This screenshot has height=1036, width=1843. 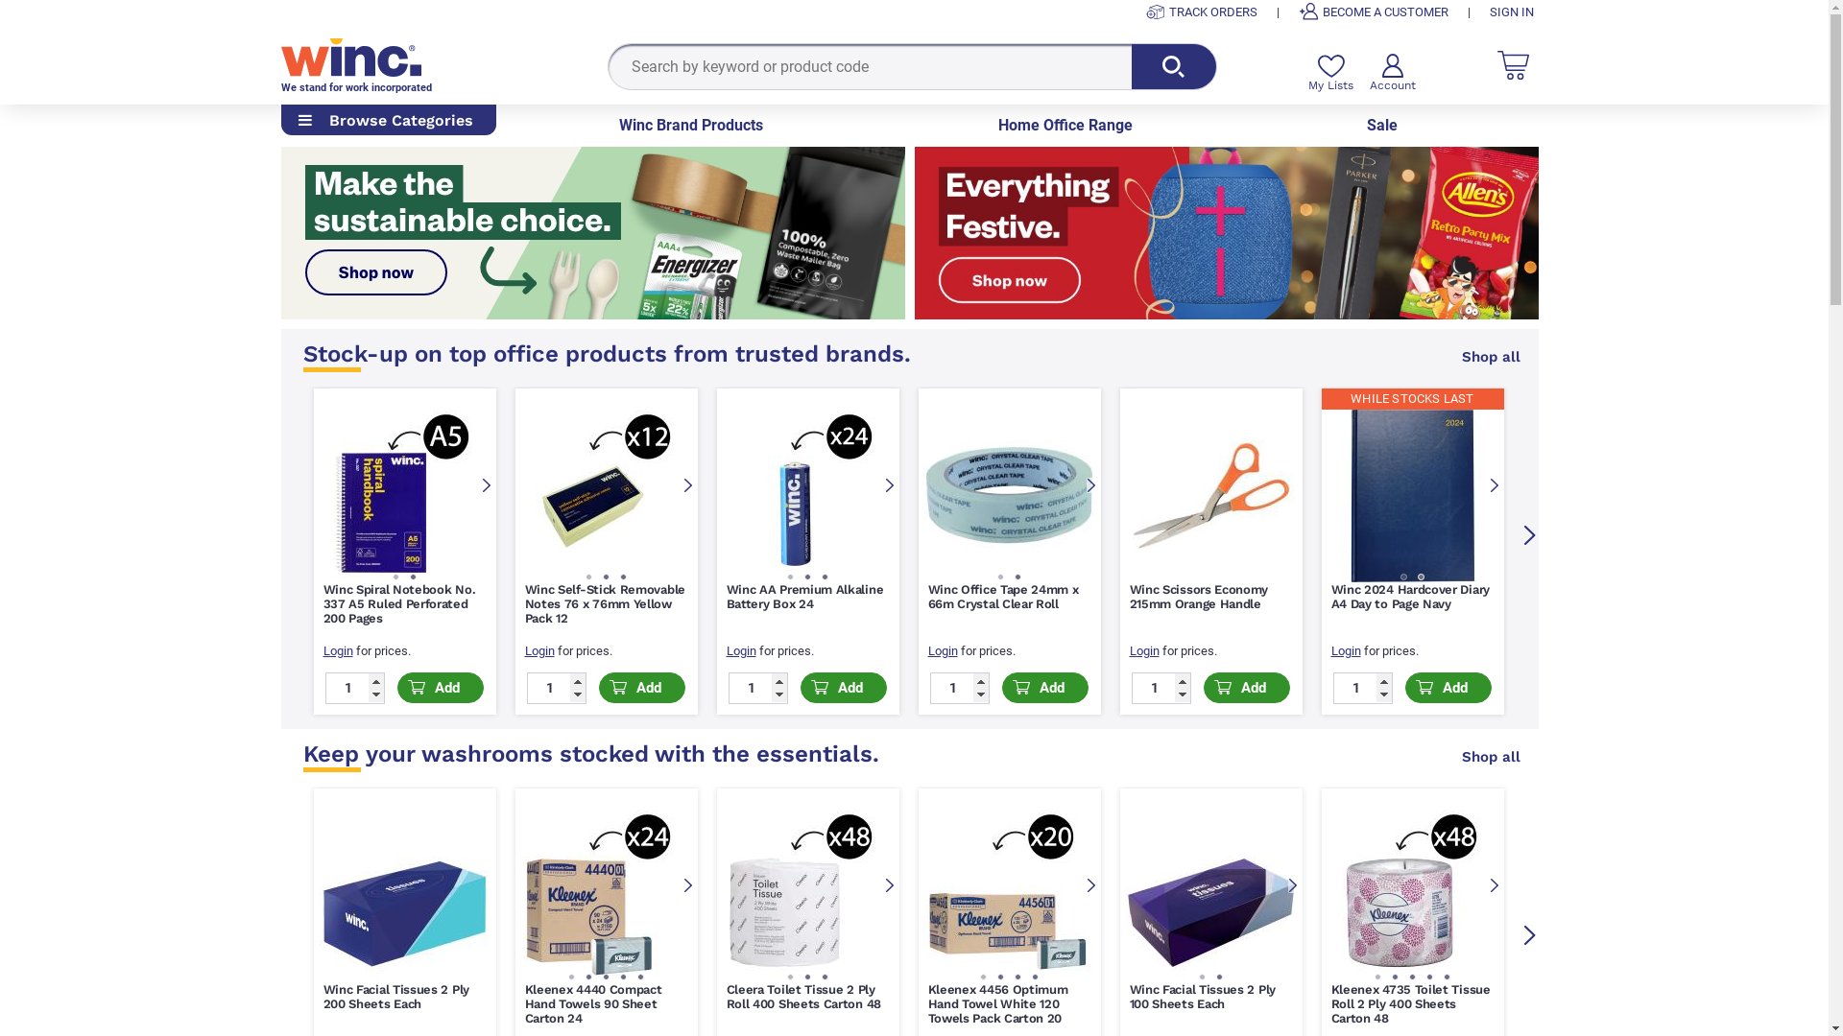 What do you see at coordinates (1528, 934) in the screenshot?
I see `'Next'` at bounding box center [1528, 934].